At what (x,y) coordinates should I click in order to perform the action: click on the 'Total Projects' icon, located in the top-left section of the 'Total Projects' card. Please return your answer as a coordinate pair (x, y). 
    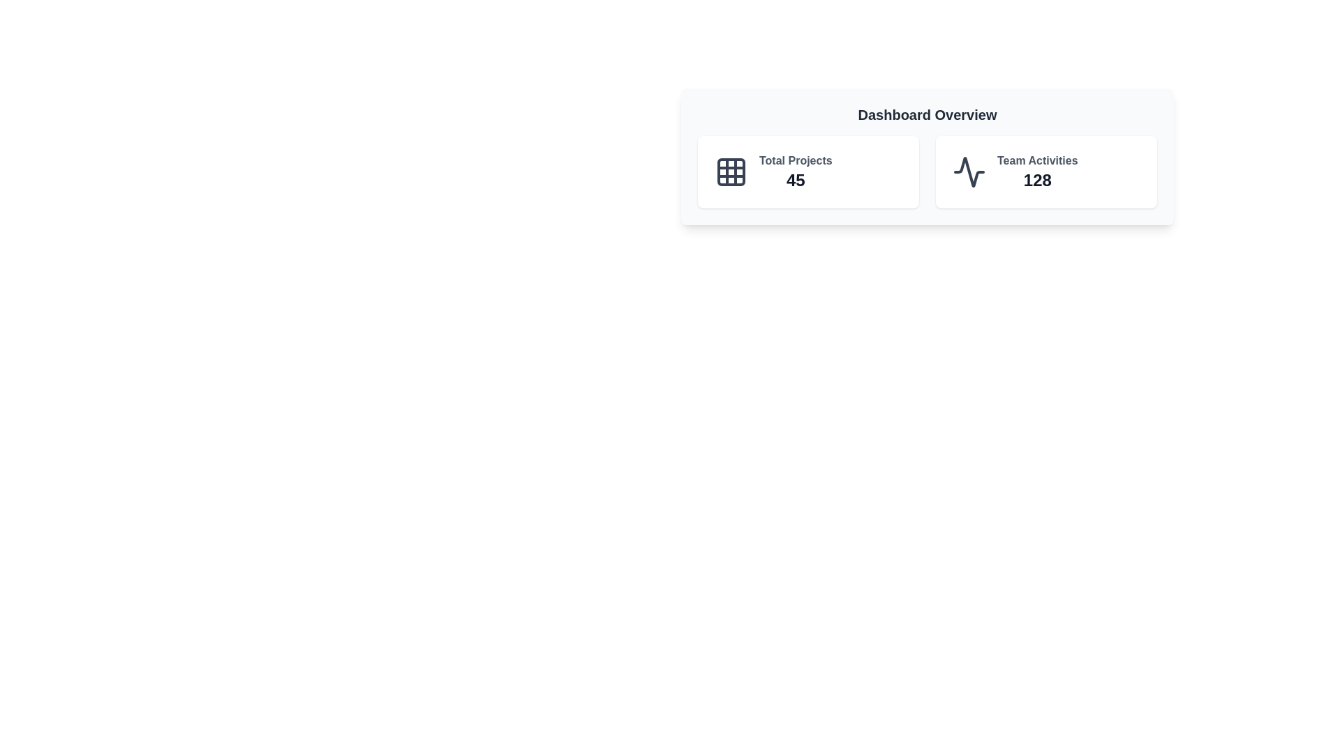
    Looking at the image, I should click on (730, 171).